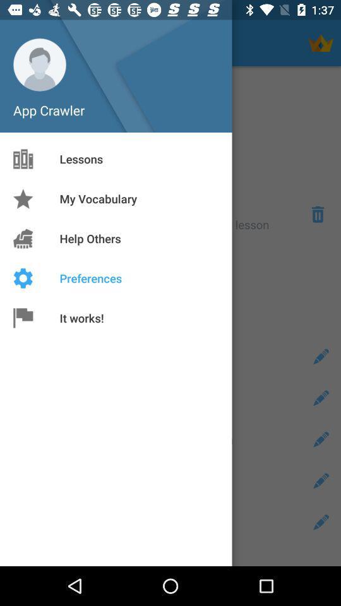 This screenshot has height=606, width=341. Describe the element at coordinates (321, 480) in the screenshot. I see `the edit icon` at that location.